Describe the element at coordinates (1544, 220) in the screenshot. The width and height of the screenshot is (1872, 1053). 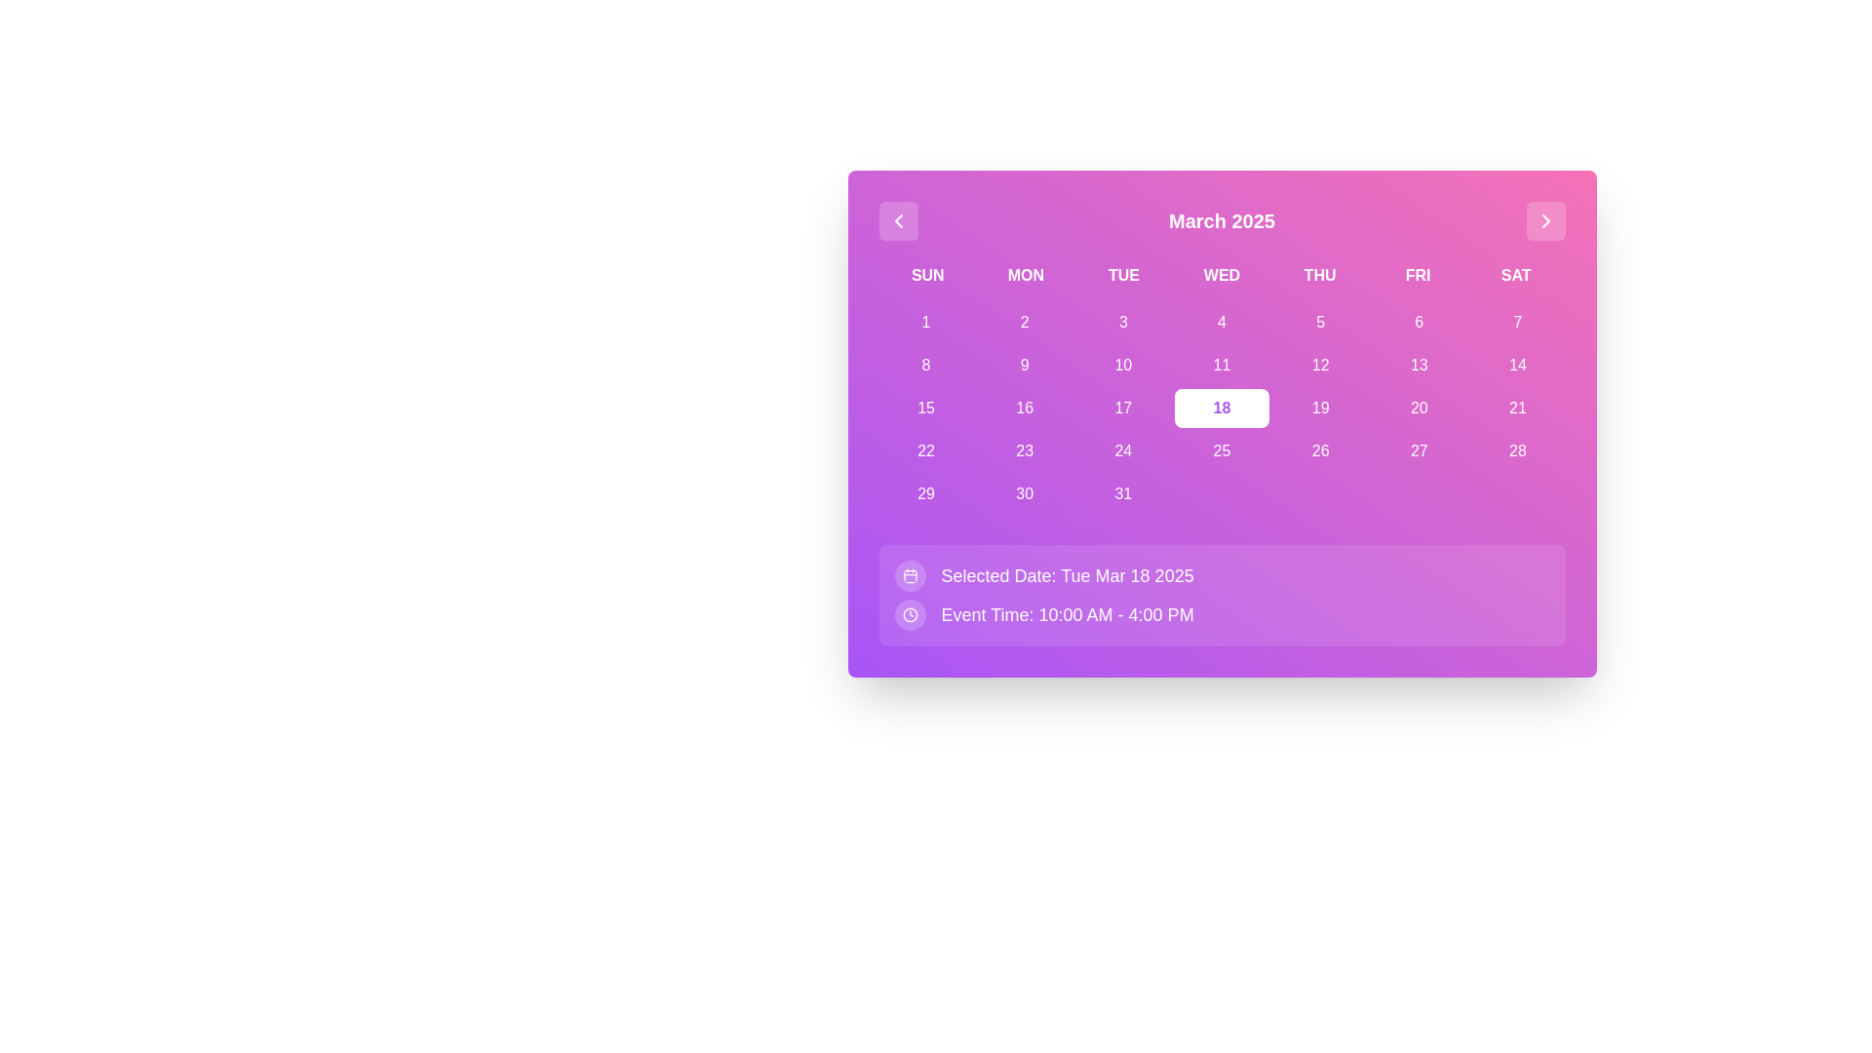
I see `the navigation button with a right-arrow icon to advance to the next month in the calendar interface` at that location.